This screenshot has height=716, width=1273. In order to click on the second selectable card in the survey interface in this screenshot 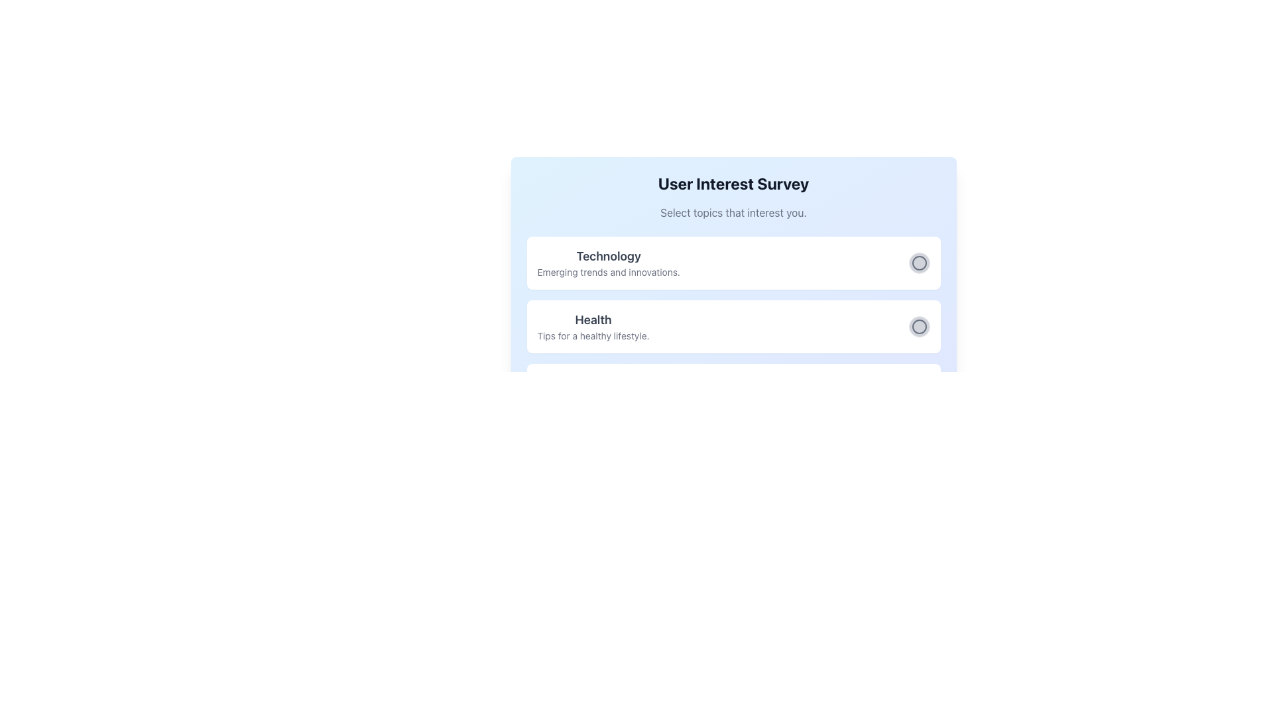, I will do `click(733, 327)`.